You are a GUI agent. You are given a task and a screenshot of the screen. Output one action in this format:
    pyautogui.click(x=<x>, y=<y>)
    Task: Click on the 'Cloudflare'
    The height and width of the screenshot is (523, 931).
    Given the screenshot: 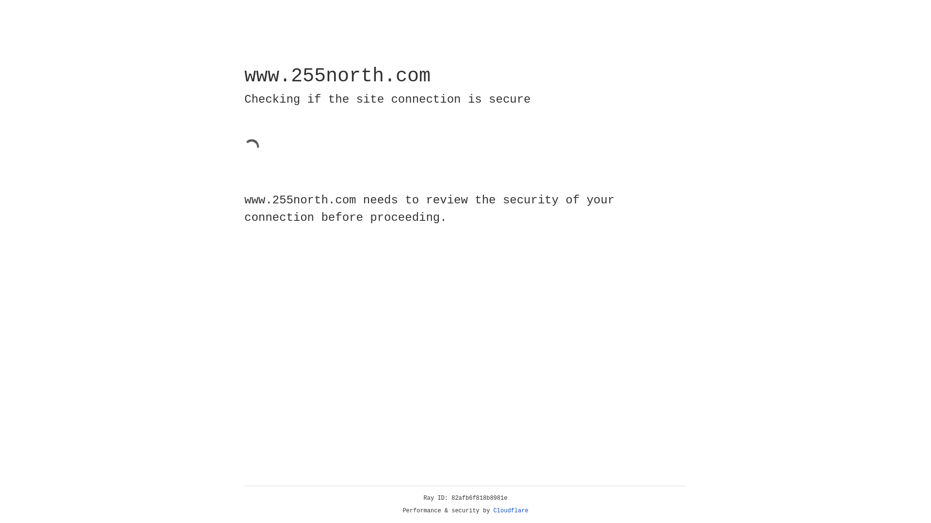 What is the action you would take?
    pyautogui.click(x=511, y=510)
    